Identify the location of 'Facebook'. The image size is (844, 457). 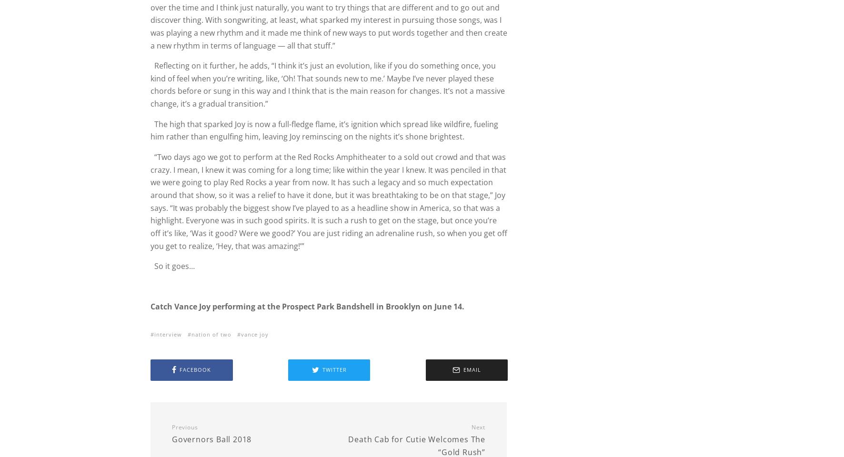
(195, 369).